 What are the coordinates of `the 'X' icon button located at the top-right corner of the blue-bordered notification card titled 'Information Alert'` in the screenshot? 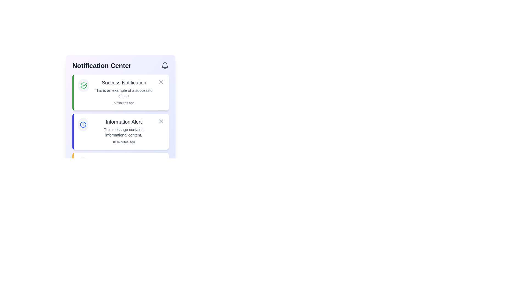 It's located at (161, 121).